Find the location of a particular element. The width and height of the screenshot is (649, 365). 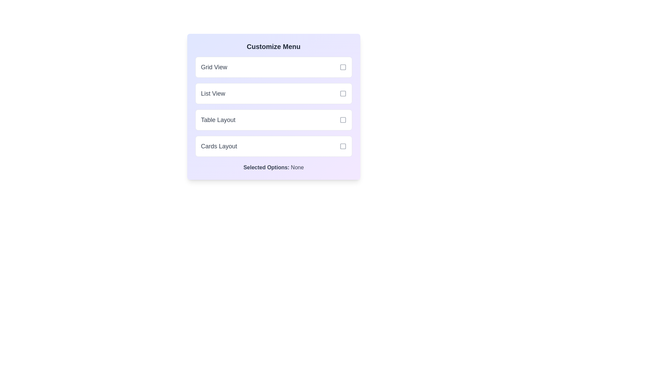

the Checkbox icon, which is a small square with a gray outline located at the far right end of the 'Cards Layout' row in the Customize Menu list is located at coordinates (343, 146).